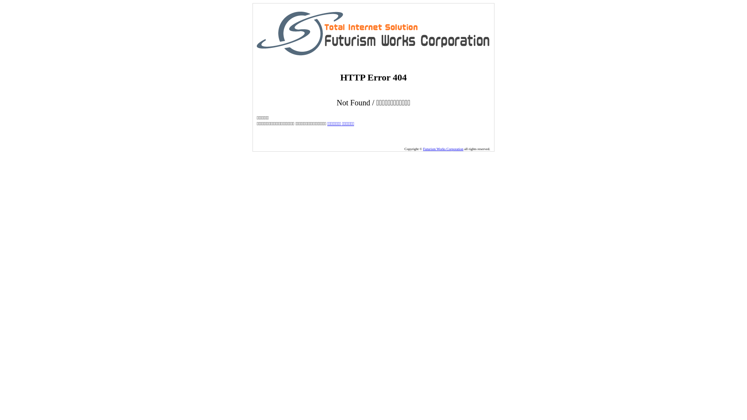 The height and width of the screenshot is (420, 747). Describe the element at coordinates (422, 149) in the screenshot. I see `'Futurism Works Corporation'` at that location.